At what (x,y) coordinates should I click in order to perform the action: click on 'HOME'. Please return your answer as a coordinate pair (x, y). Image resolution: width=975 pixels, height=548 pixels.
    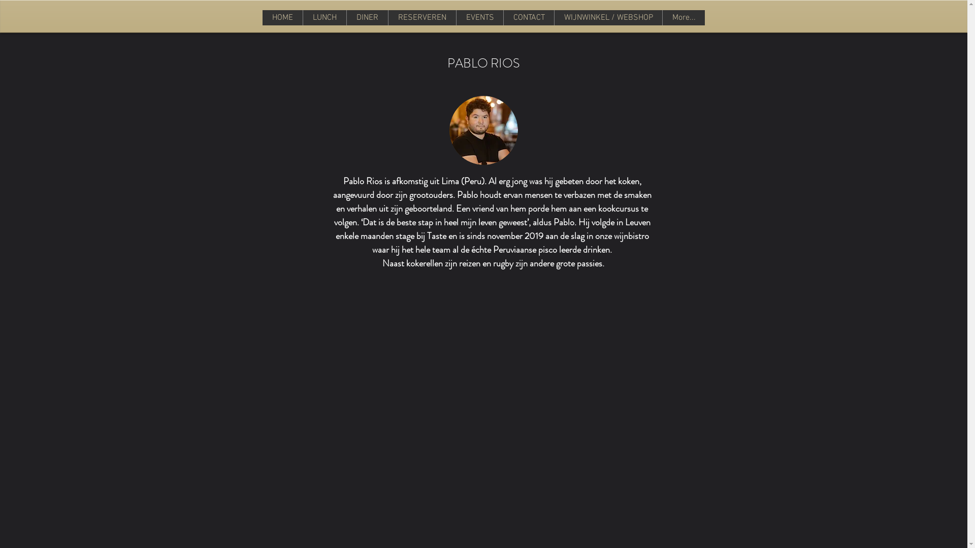
    Looking at the image, I should click on (282, 17).